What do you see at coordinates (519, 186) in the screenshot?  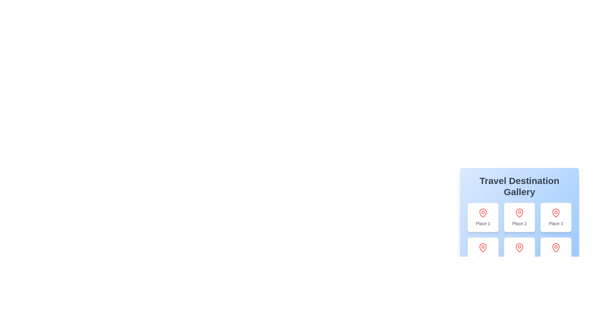 I see `the title text 'Travel Destination Gallery' at the top of the card-like component to select the text for copying` at bounding box center [519, 186].